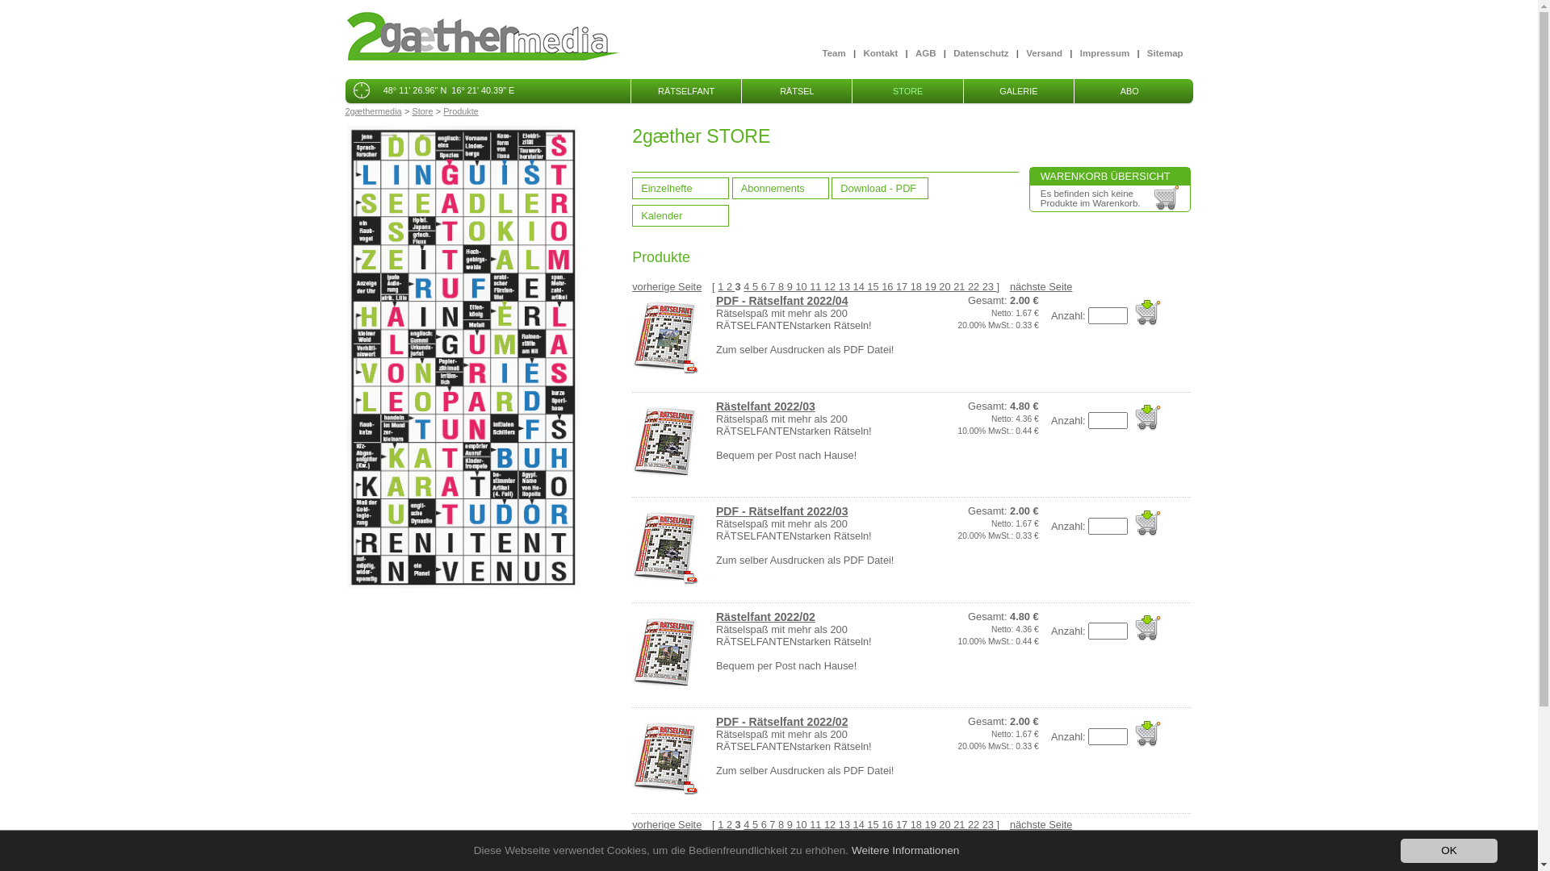 The height and width of the screenshot is (871, 1550). I want to click on 'OK', so click(1449, 850).